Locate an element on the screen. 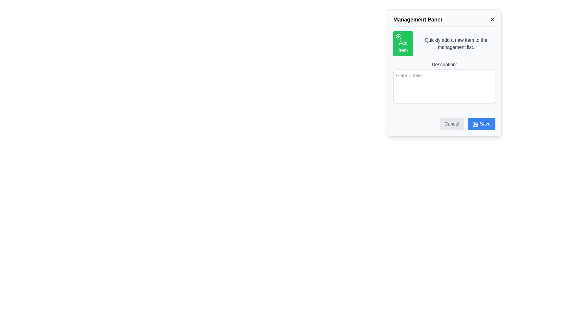 The width and height of the screenshot is (573, 322). 'Add Item' icon located in the top-left section of the 'Management Panel' dialog box, which is visually represented by a green rectangular button containing the icon is located at coordinates (398, 37).